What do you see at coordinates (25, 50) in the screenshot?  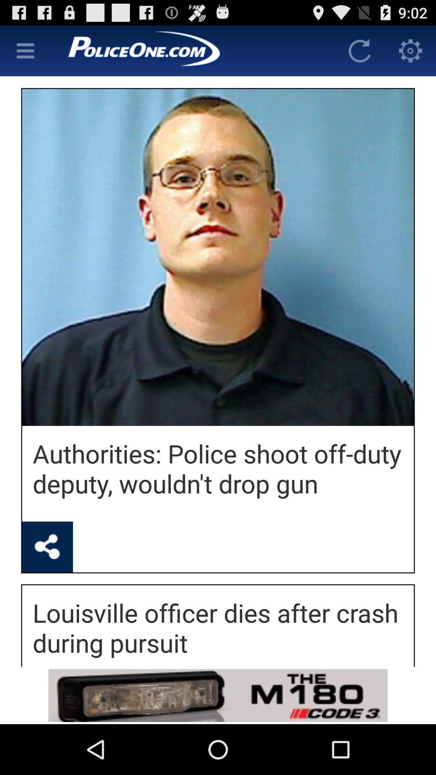 I see `main menu option` at bounding box center [25, 50].